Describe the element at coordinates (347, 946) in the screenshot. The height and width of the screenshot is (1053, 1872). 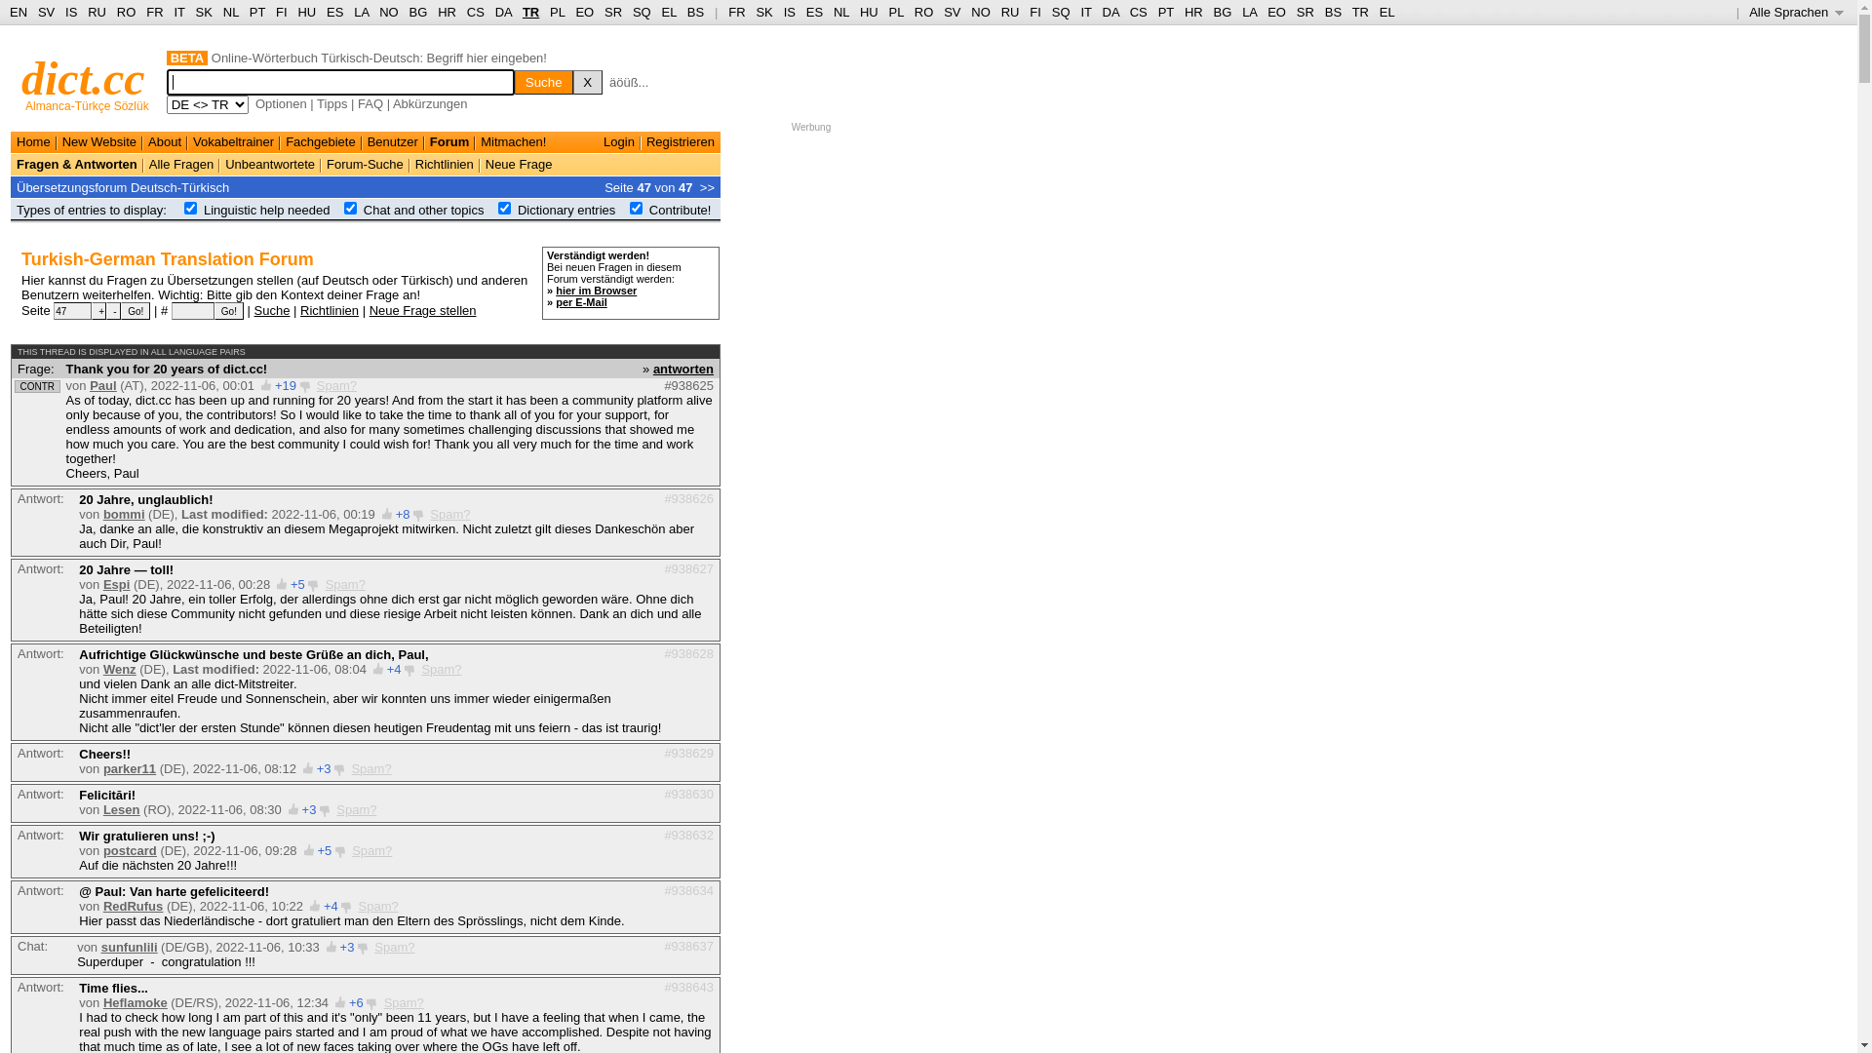
I see `'+3'` at that location.